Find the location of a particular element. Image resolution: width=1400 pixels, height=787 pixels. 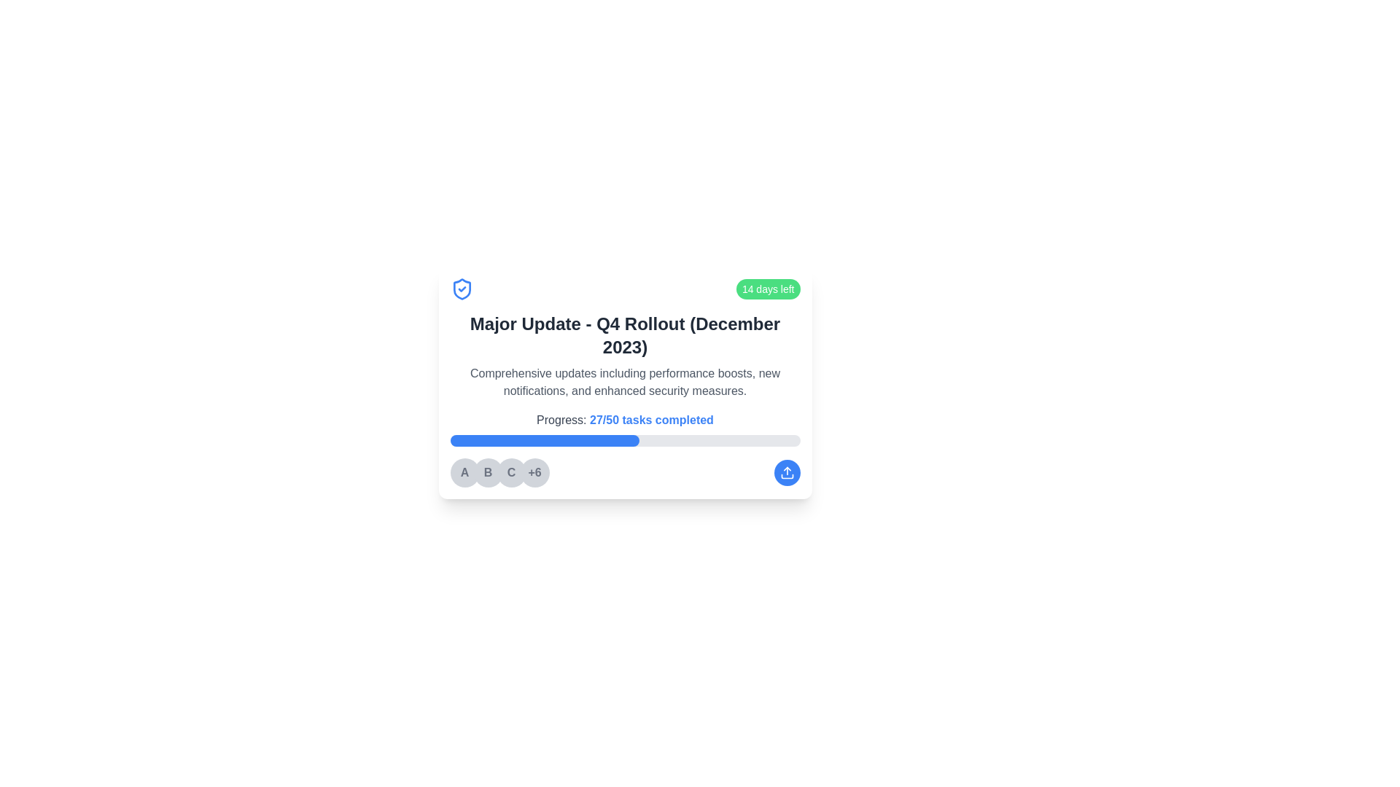

remaining time displayed on the informational label indicating 14 days, located at the top-right corner of the project summary card is located at coordinates (767, 289).